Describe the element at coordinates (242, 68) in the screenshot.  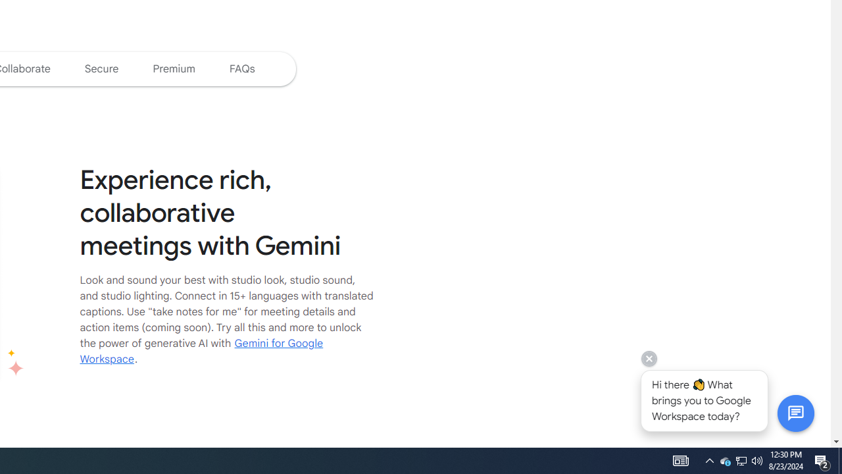
I see `'Jump to the Google Meet FAQs'` at that location.